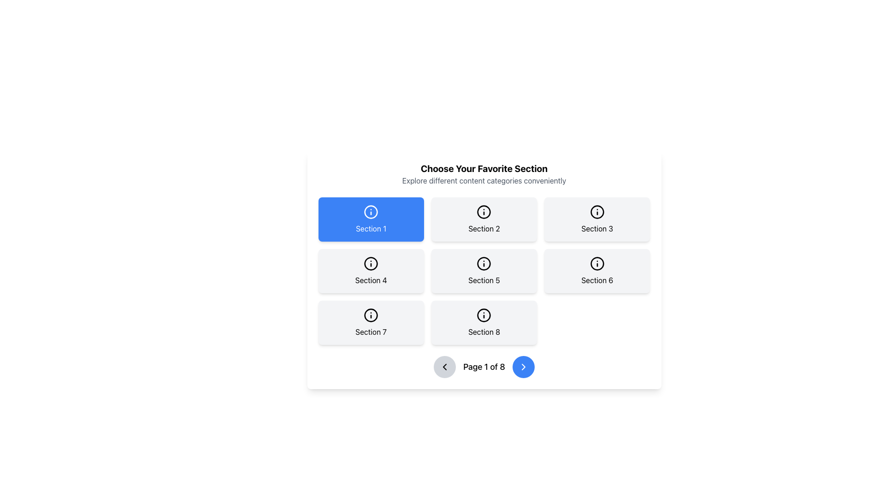 The width and height of the screenshot is (885, 498). Describe the element at coordinates (371, 270) in the screenshot. I see `the selectable panel with rounded corners and an 'i' icon above the text 'Section 4'` at that location.